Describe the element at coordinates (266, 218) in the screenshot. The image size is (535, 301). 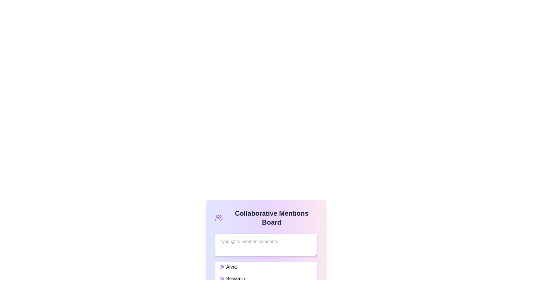
I see `header text 'Collaborative Mentions Board' to understand the section's purpose, which is located at the top of the form-like section above the text input field` at that location.